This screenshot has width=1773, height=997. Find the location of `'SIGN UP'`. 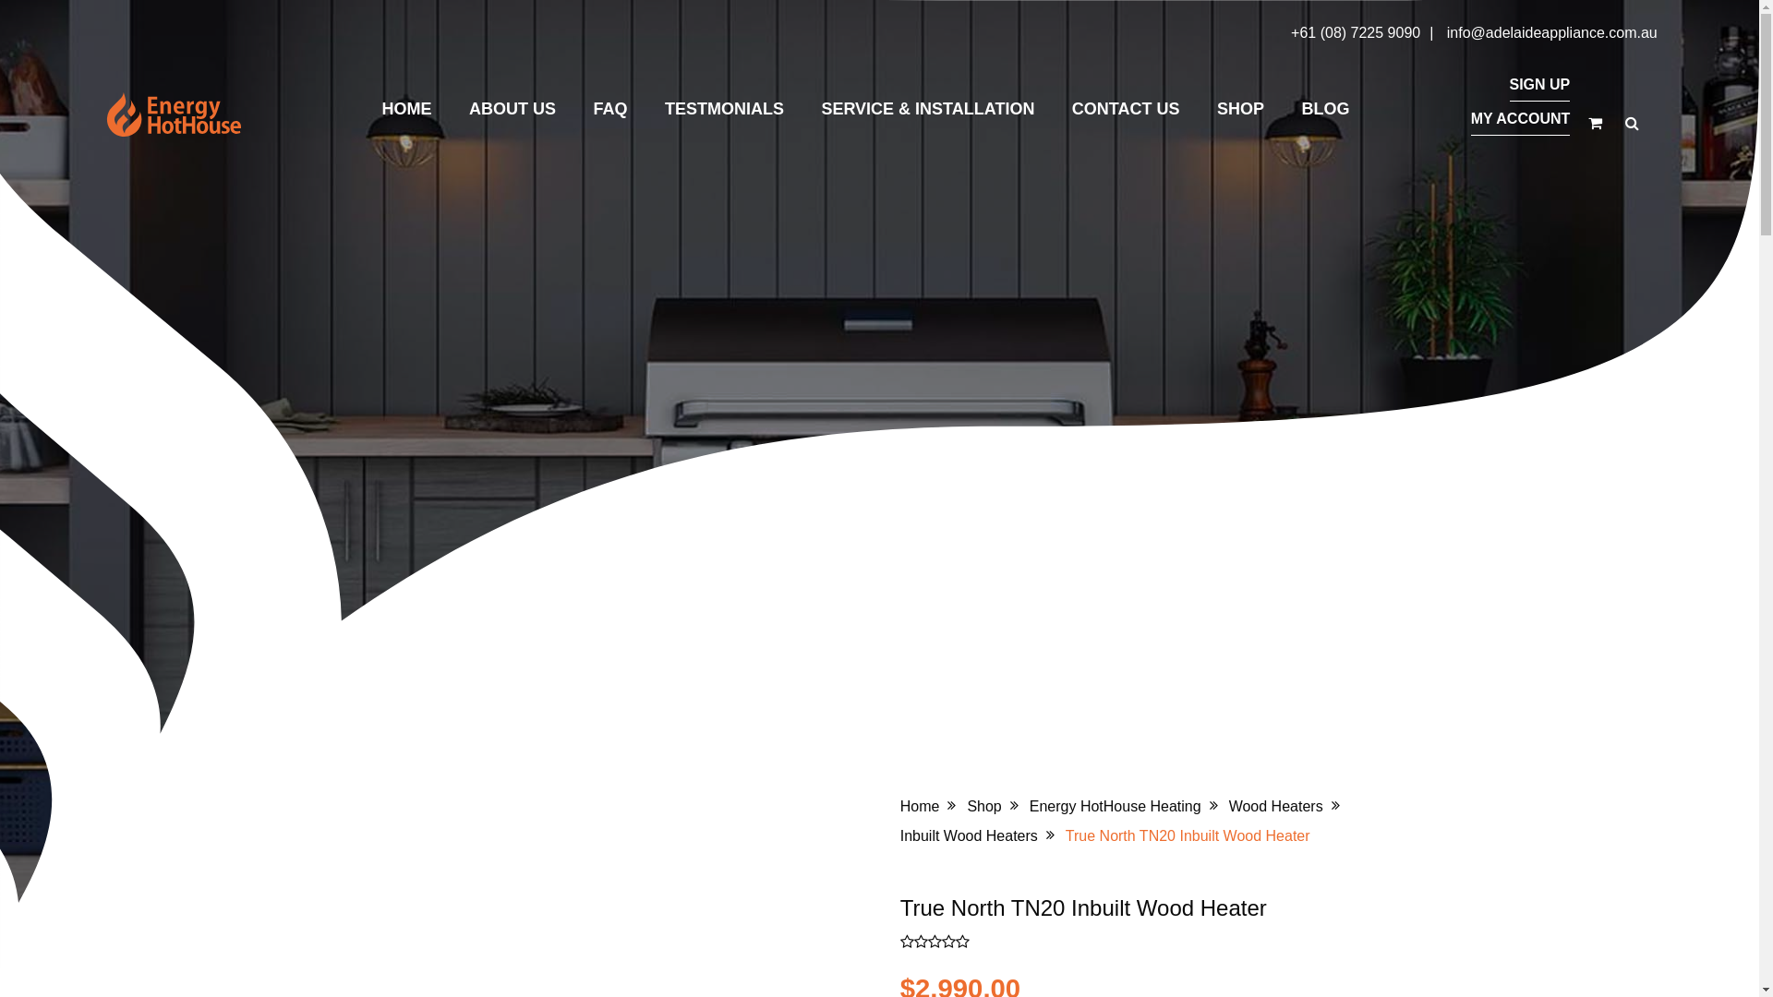

'SIGN UP' is located at coordinates (1538, 85).